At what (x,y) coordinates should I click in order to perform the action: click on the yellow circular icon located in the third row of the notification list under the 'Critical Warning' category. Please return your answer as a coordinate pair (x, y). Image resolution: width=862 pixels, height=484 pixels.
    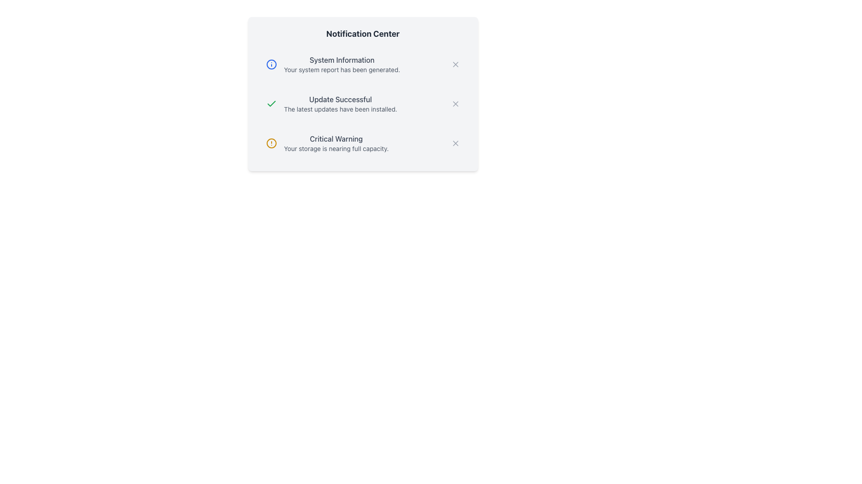
    Looking at the image, I should click on (271, 143).